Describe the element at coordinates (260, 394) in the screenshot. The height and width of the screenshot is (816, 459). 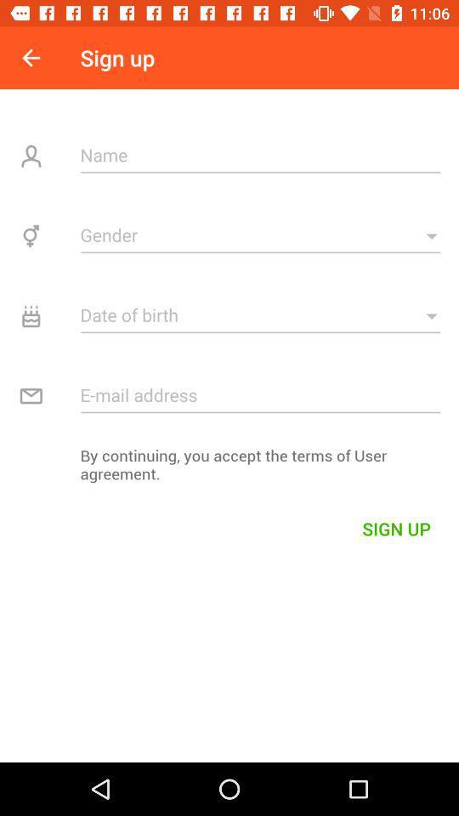
I see `email address field` at that location.